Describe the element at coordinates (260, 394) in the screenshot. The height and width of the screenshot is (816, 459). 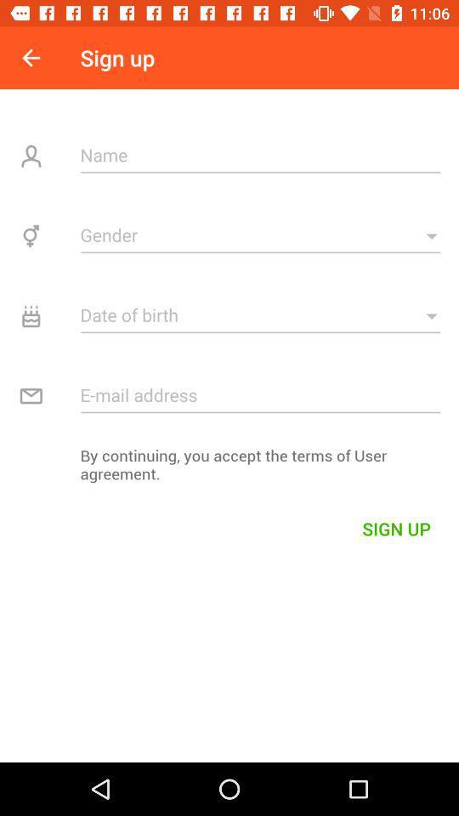
I see `email address field` at that location.